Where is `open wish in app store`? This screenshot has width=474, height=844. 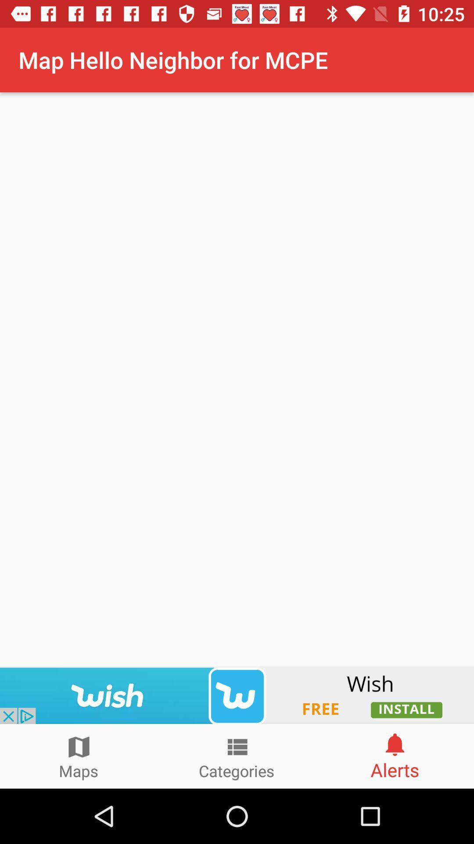
open wish in app store is located at coordinates (237, 695).